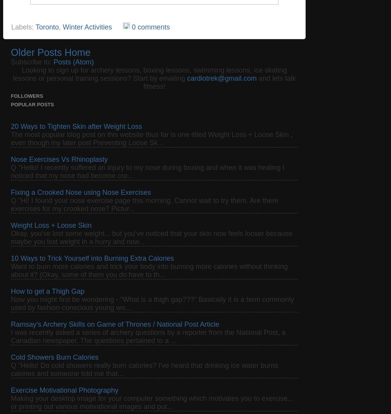  Describe the element at coordinates (11, 204) in the screenshot. I see `'Q    "Hi!      I found your nose exercise page this  morning. Cannot wait to try them. Are there exercises for my crooked  nose? Pictur...'` at that location.